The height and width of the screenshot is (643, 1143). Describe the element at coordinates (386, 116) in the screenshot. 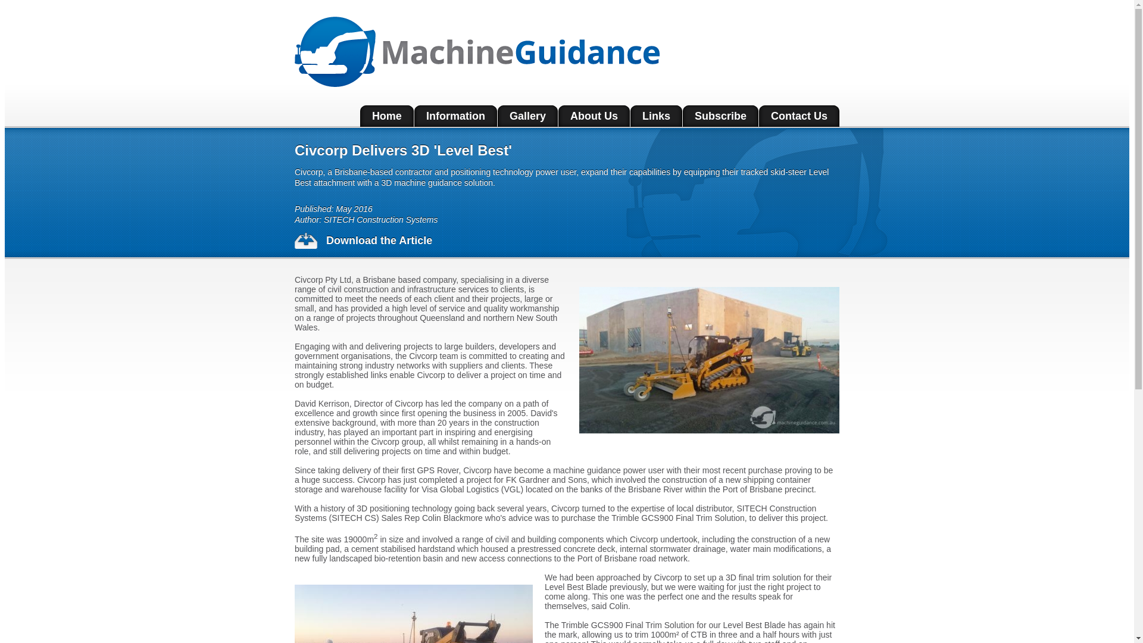

I see `'Home'` at that location.